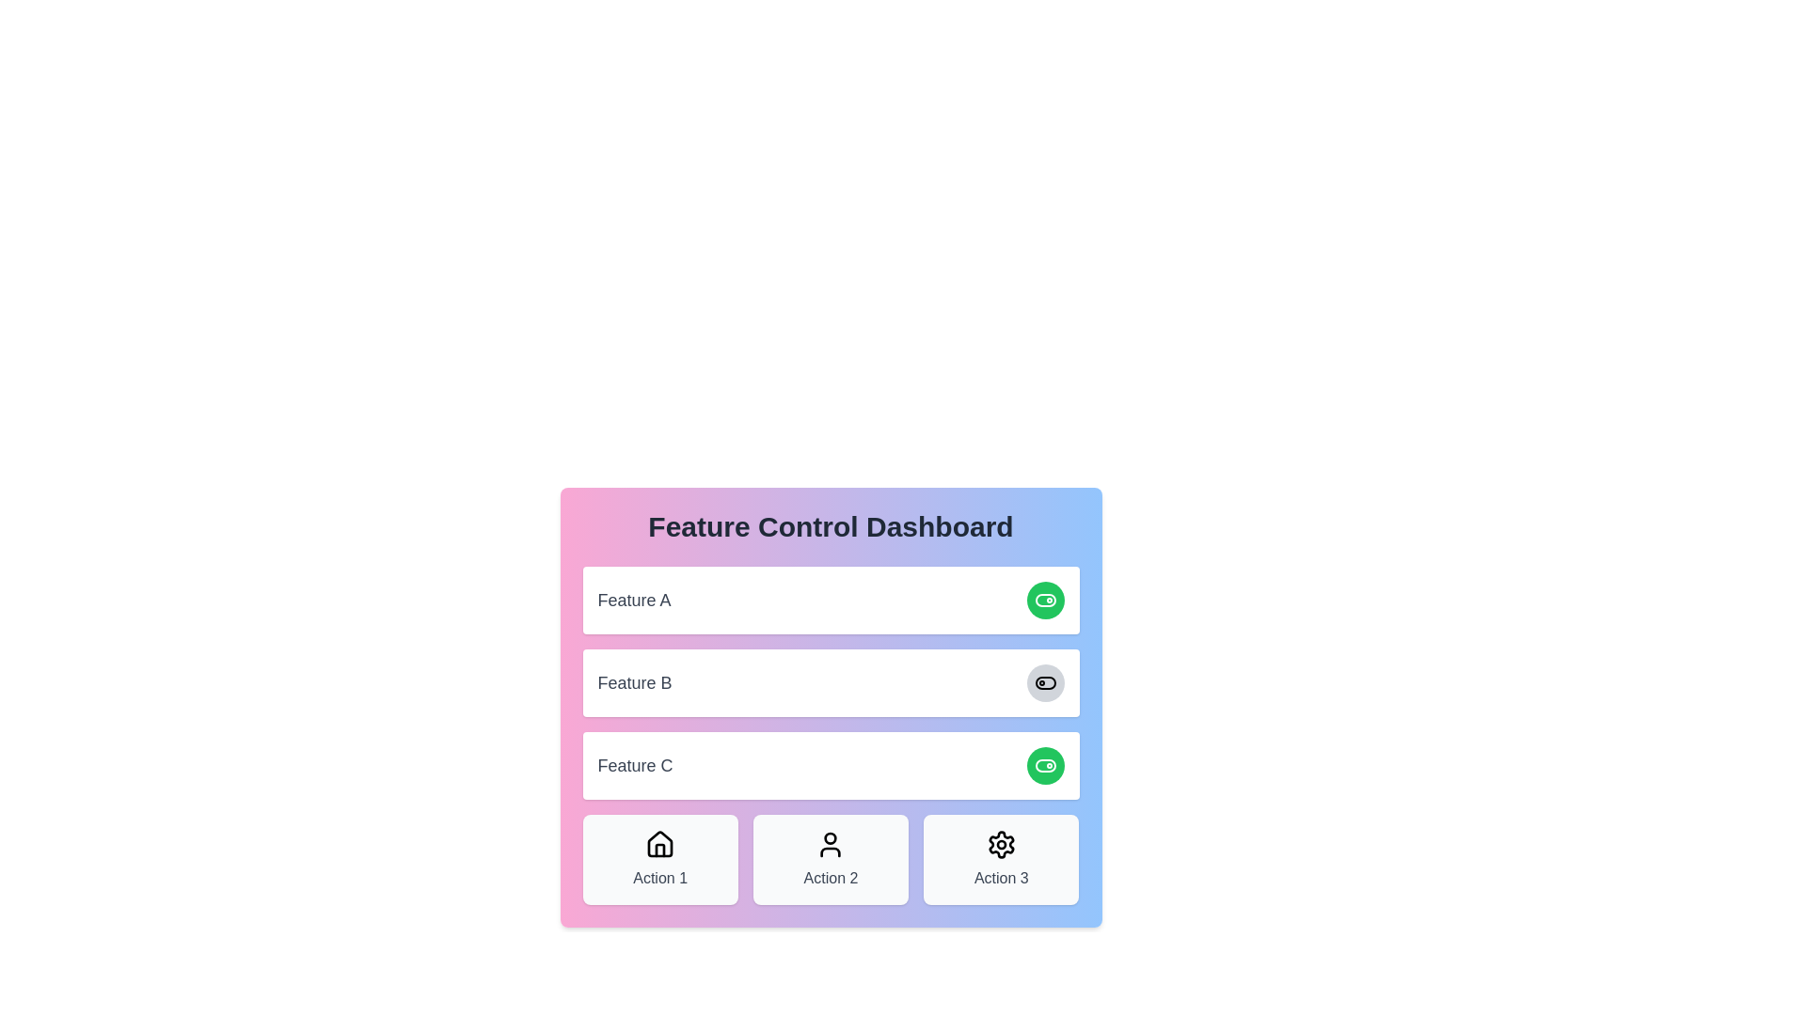 This screenshot has height=1015, width=1806. What do you see at coordinates (830, 859) in the screenshot?
I see `the 'Action 2' card, which is the central button-like card in the grid layout of the 'Feature Control Dashboard'` at bounding box center [830, 859].